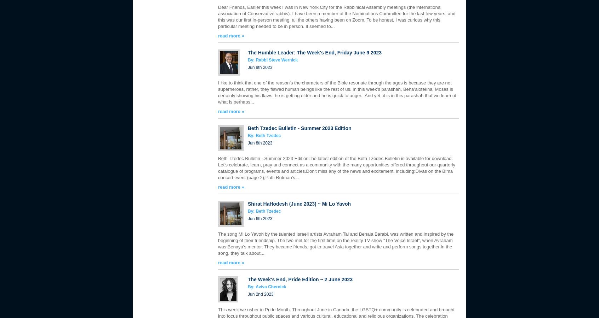  Describe the element at coordinates (336, 243) in the screenshot. I see `'The song Mi Lo Yavoh by the talented Israeli artists Avraham Tal and Benaia Barabi, was written and inspired by the beginning of their friendship. The two met for the first time on the reality TV show "The Voice Israel", when Avraham was Benaya's mentor. They became friends, got to travel Asia together and write and perform songs together.In the song, they talk about...'` at that location.